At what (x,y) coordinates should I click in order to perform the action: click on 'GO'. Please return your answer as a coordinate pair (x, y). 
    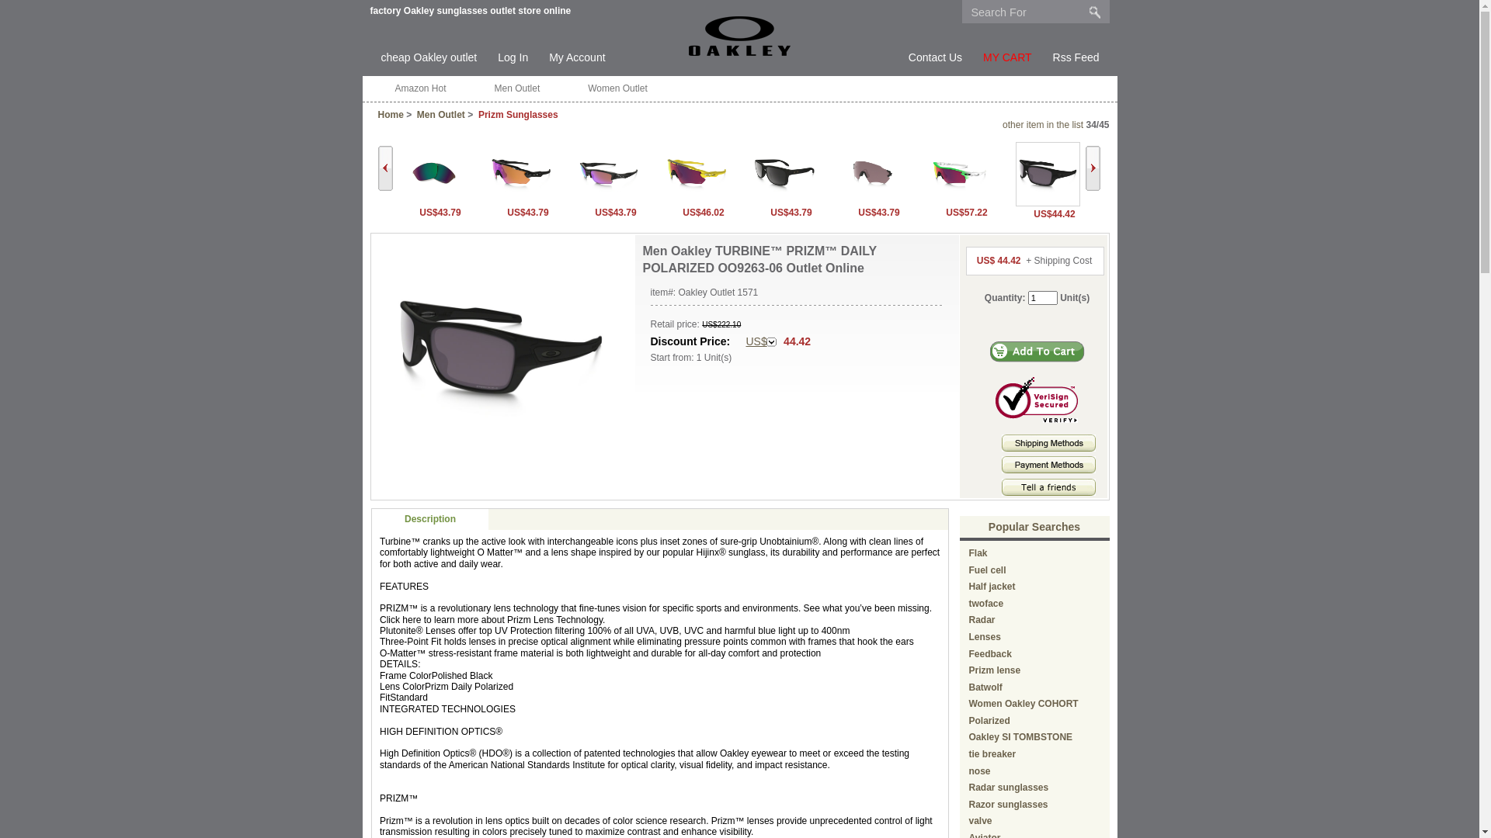
    Looking at the image, I should click on (1094, 12).